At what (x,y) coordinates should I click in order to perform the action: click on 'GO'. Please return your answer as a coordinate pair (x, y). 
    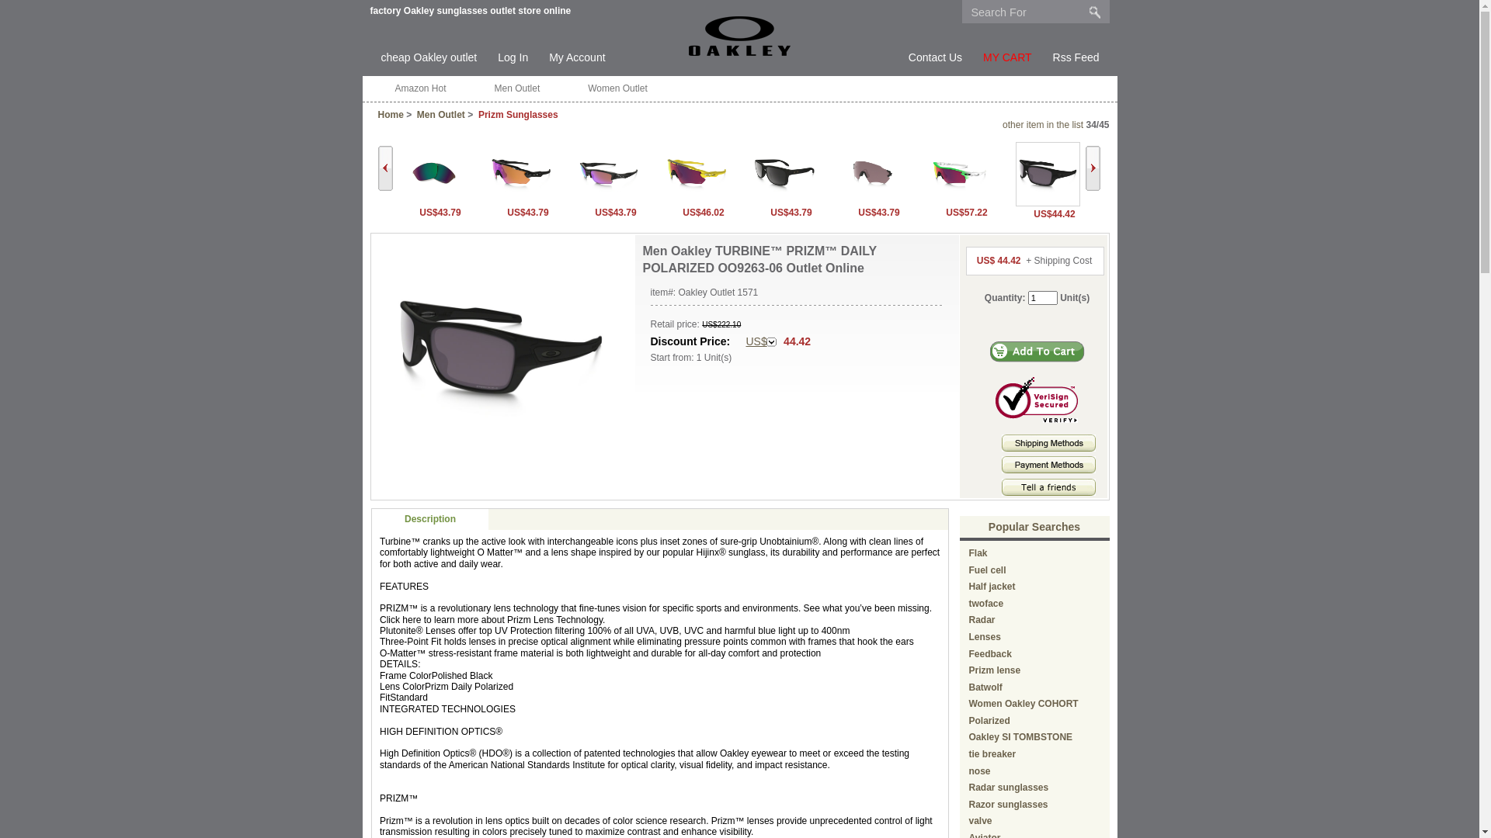
    Looking at the image, I should click on (1094, 12).